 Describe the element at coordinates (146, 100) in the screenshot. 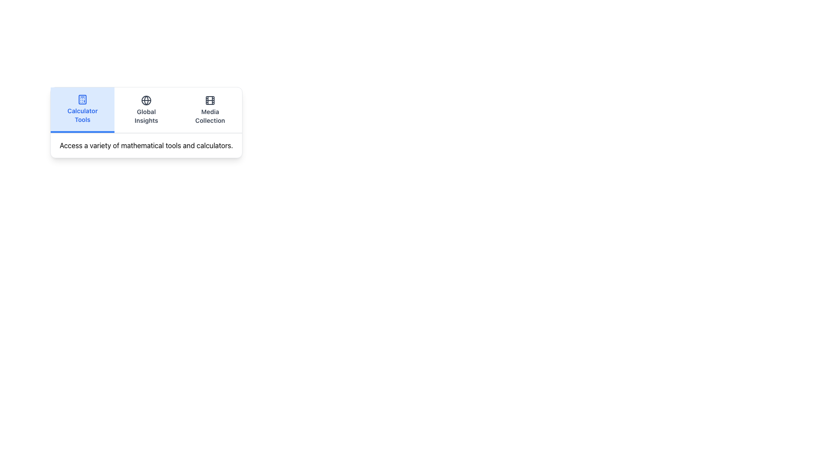

I see `the decorative SVG circle component that is part of the globe icon located in the second tab labeled 'Global Insights'` at that location.